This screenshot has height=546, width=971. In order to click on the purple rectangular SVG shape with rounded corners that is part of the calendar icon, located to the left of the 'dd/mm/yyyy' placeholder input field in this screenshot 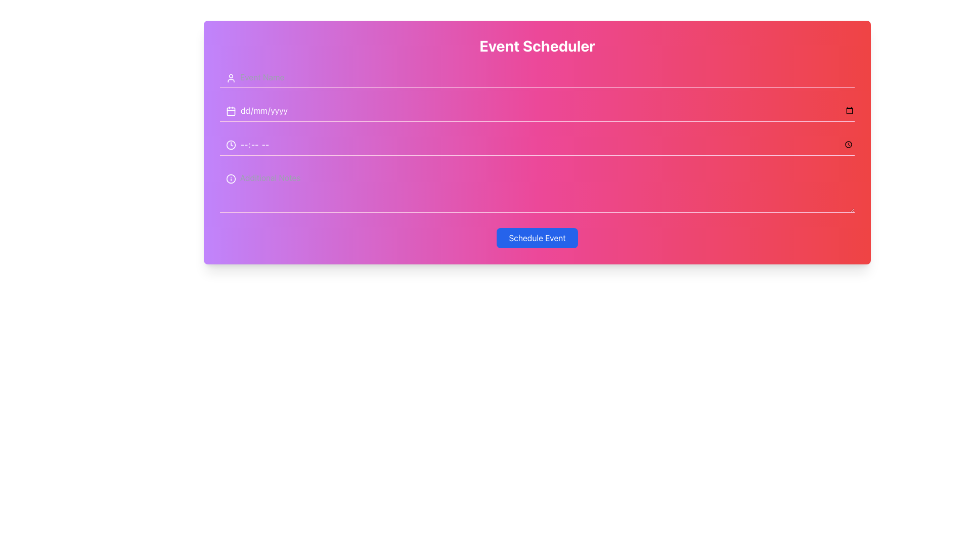, I will do `click(230, 111)`.